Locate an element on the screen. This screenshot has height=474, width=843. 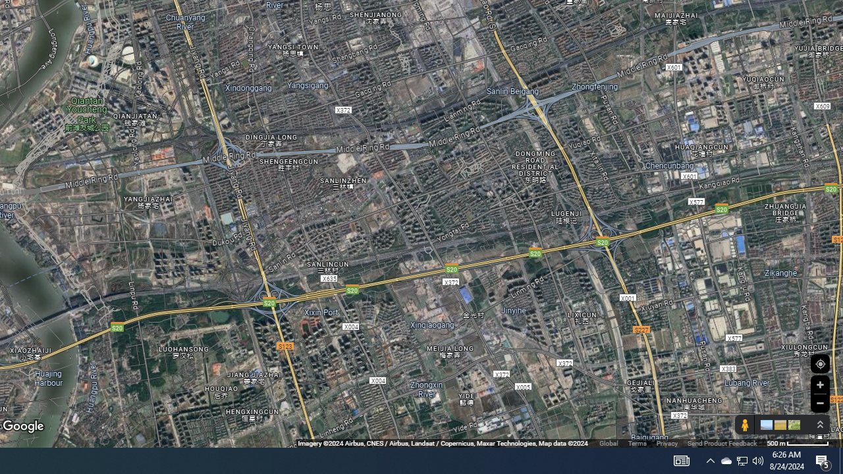
'Show Street View coverage' is located at coordinates (744, 425).